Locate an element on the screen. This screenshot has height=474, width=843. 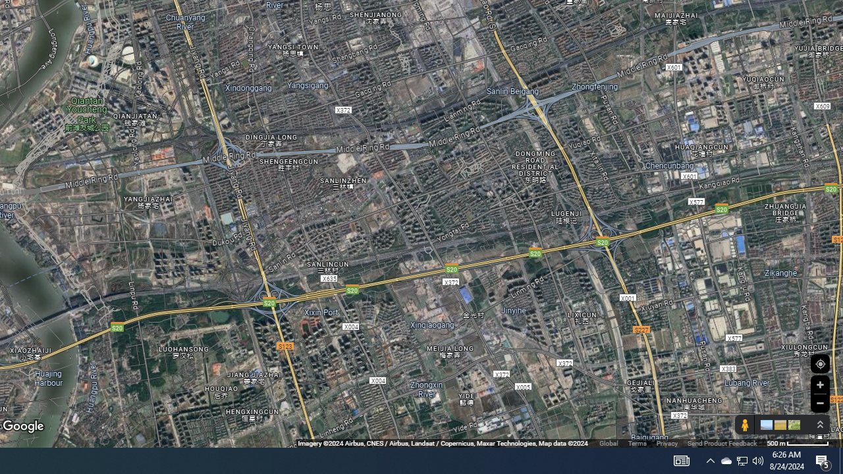
'Show Street View coverage' is located at coordinates (744, 425).